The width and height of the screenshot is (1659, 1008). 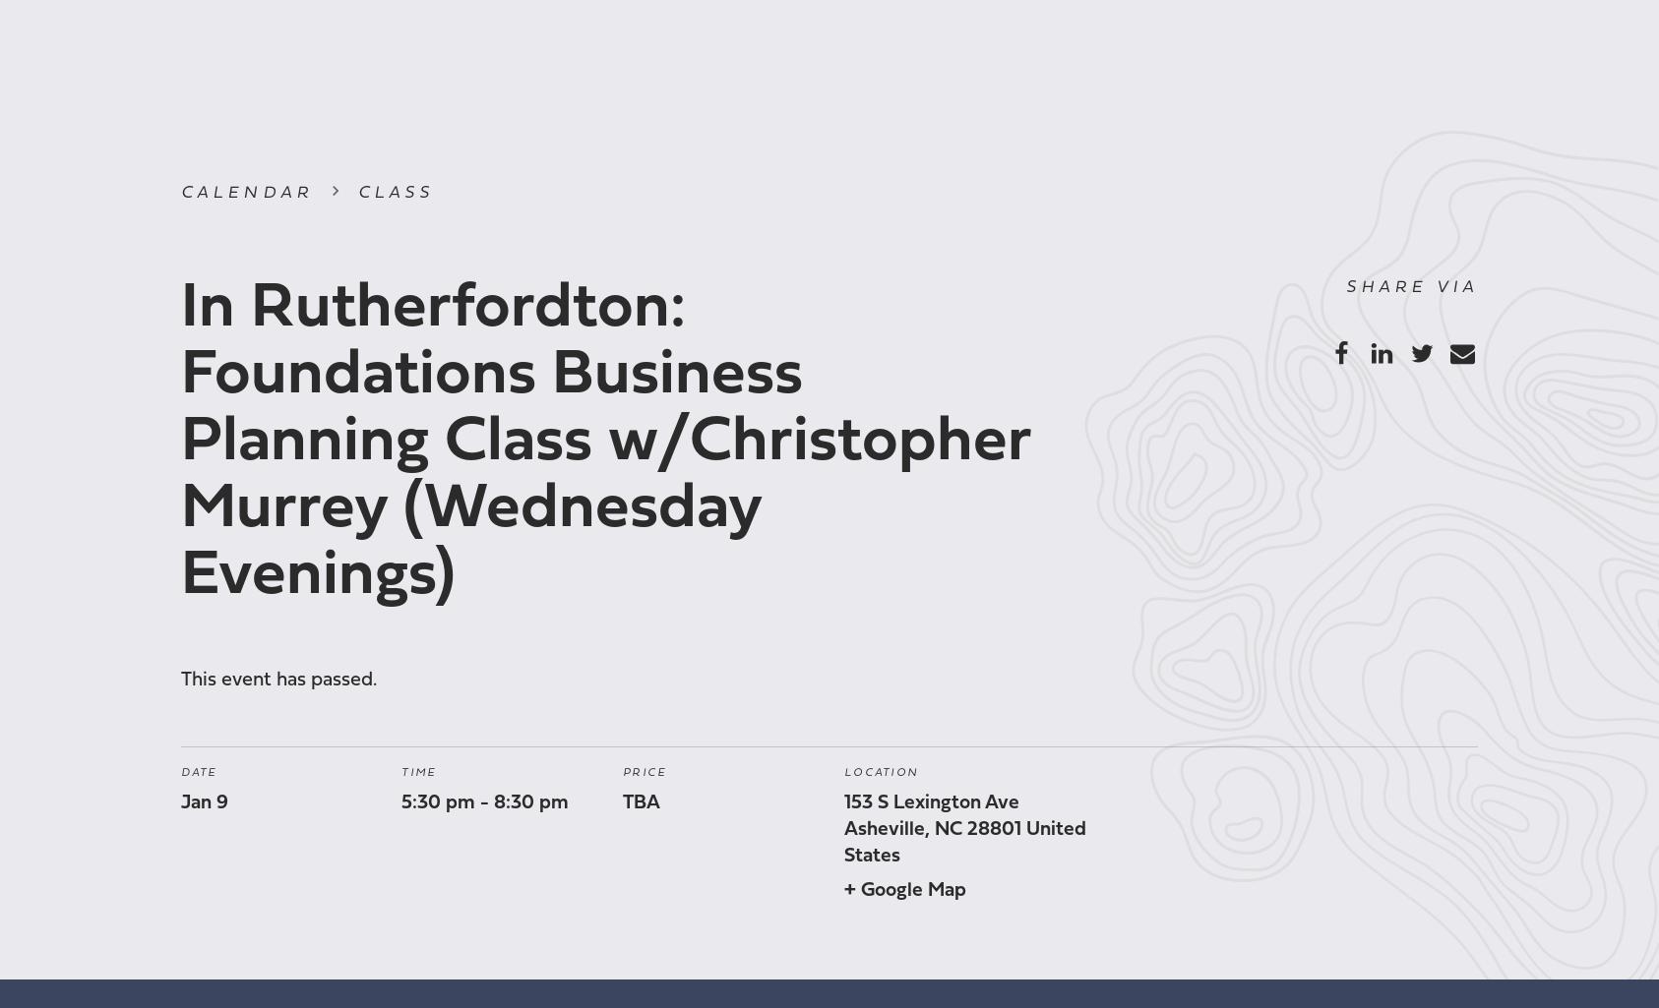 What do you see at coordinates (276, 680) in the screenshot?
I see `'This event has passed.'` at bounding box center [276, 680].